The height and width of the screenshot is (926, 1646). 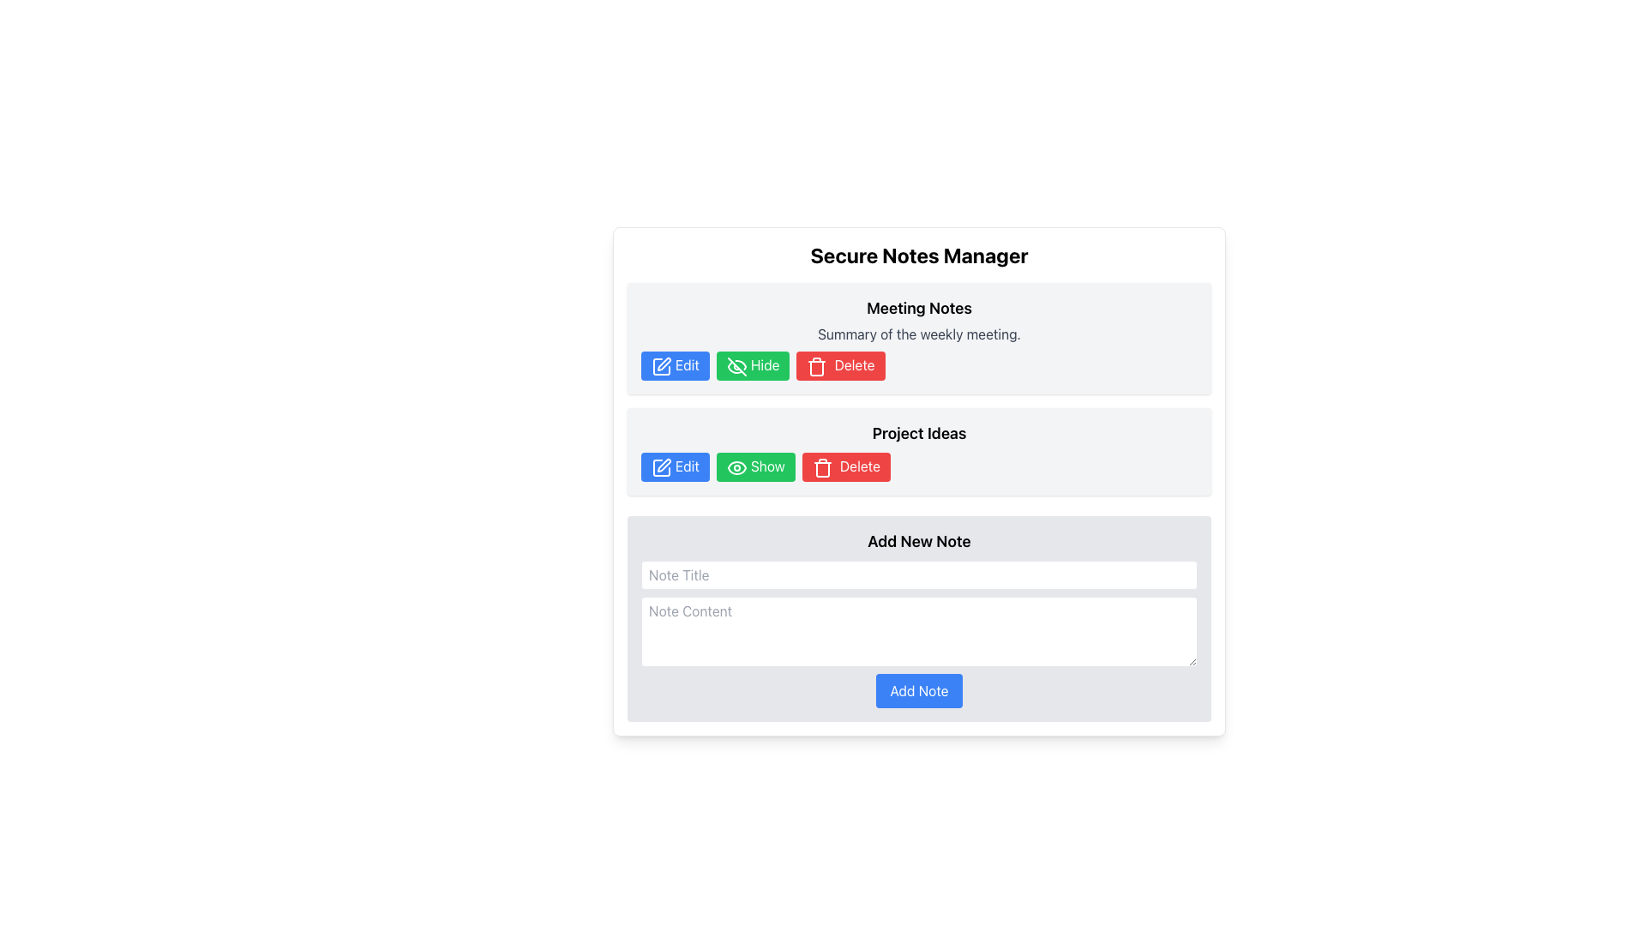 I want to click on the 'Meeting Notes' text element, which is displayed in bold and larger font as the title of the section, positioned above the 'Summary of the weekly meeting.', so click(x=918, y=307).